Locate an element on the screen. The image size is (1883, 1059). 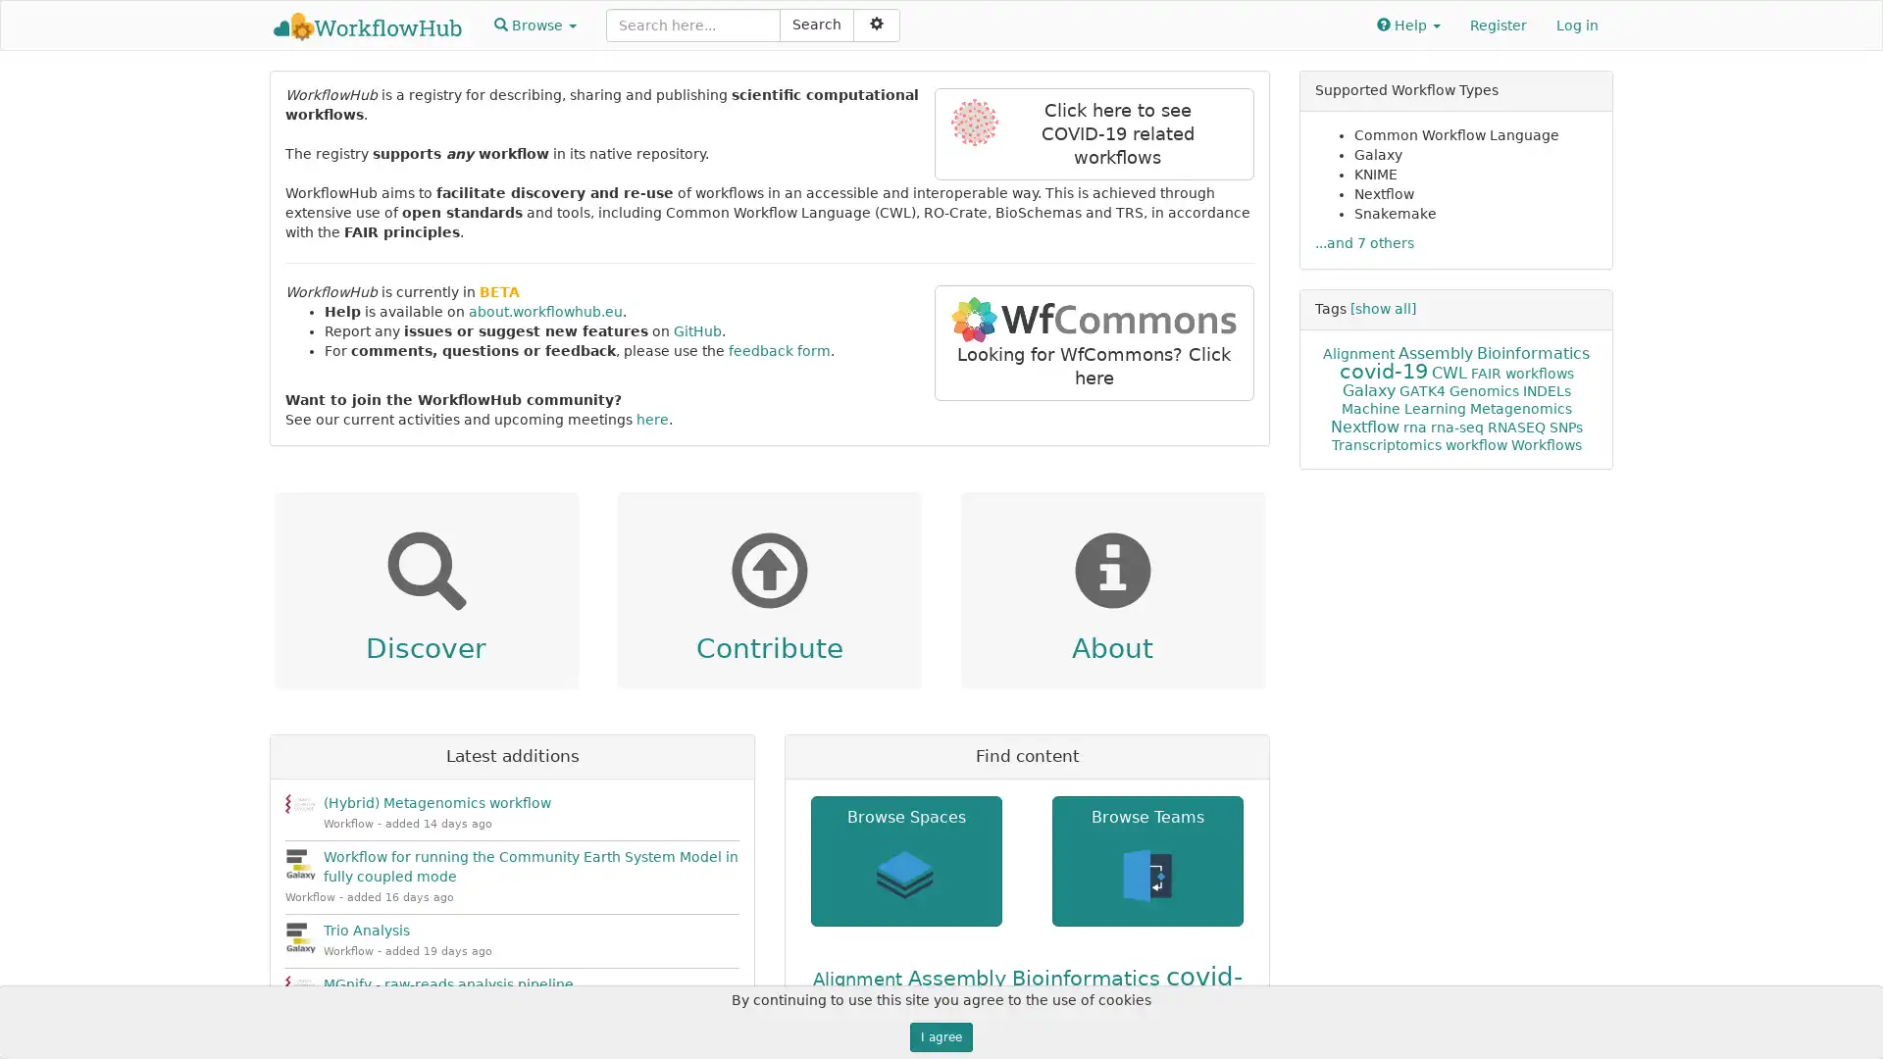
Search is located at coordinates (817, 25).